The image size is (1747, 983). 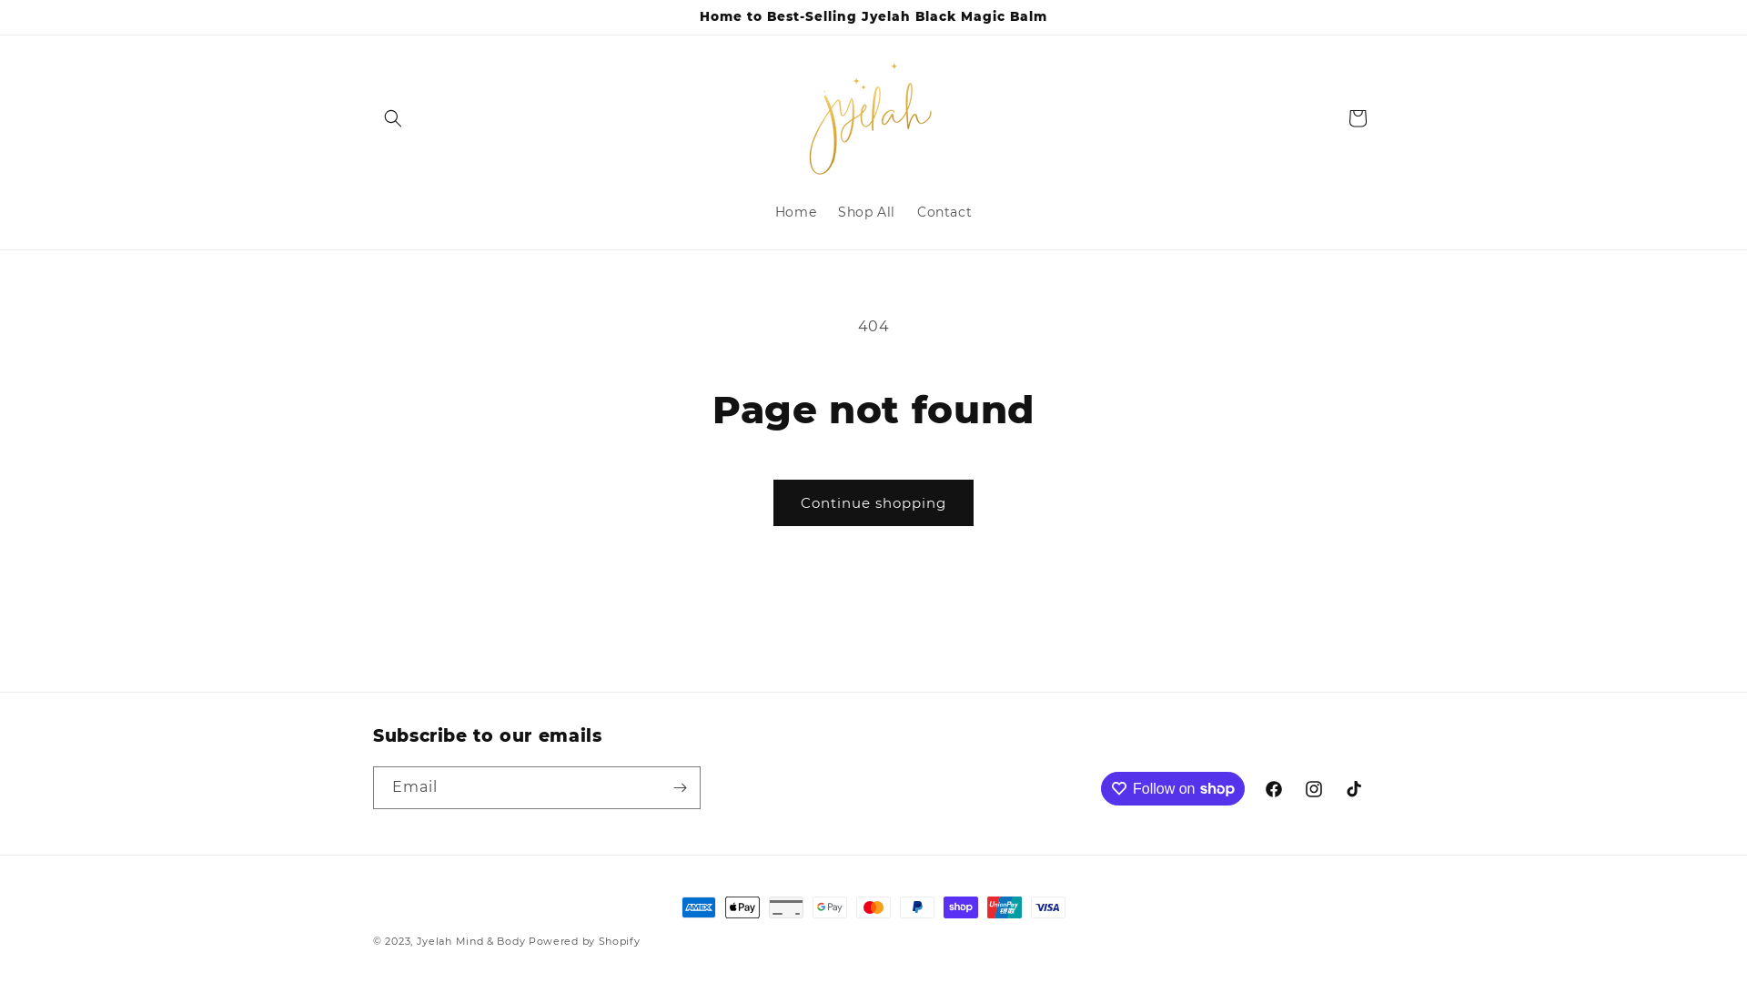 What do you see at coordinates (795, 210) in the screenshot?
I see `'Home'` at bounding box center [795, 210].